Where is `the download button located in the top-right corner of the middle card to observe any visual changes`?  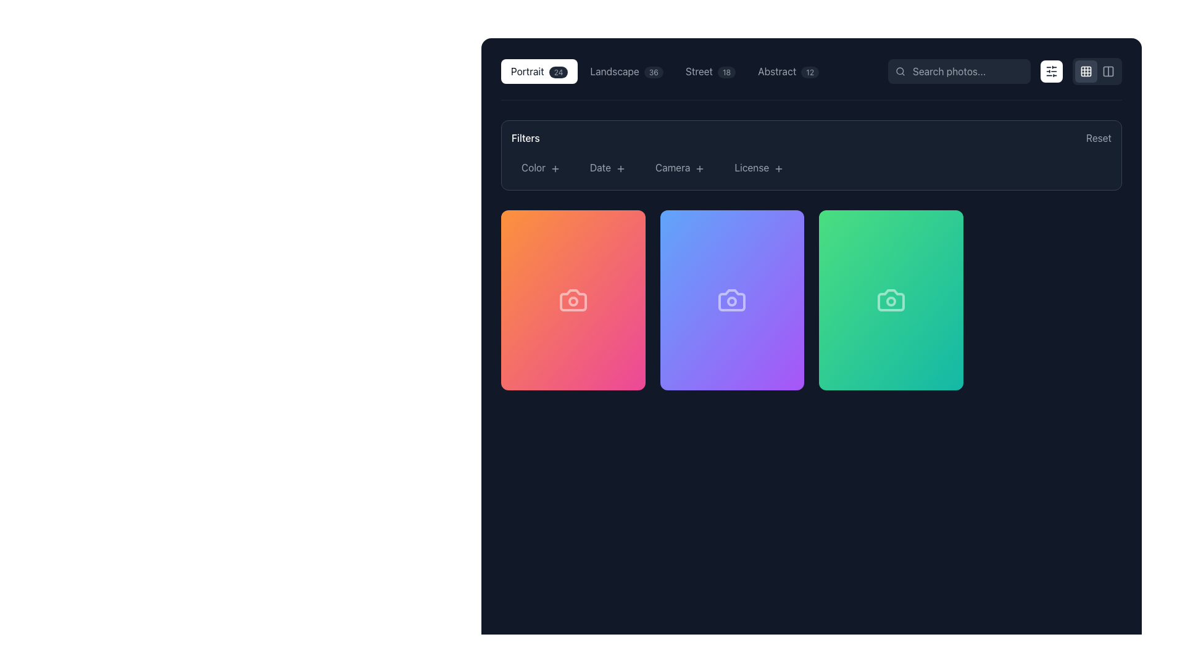
the download button located in the top-right corner of the middle card to observe any visual changes is located at coordinates (784, 230).